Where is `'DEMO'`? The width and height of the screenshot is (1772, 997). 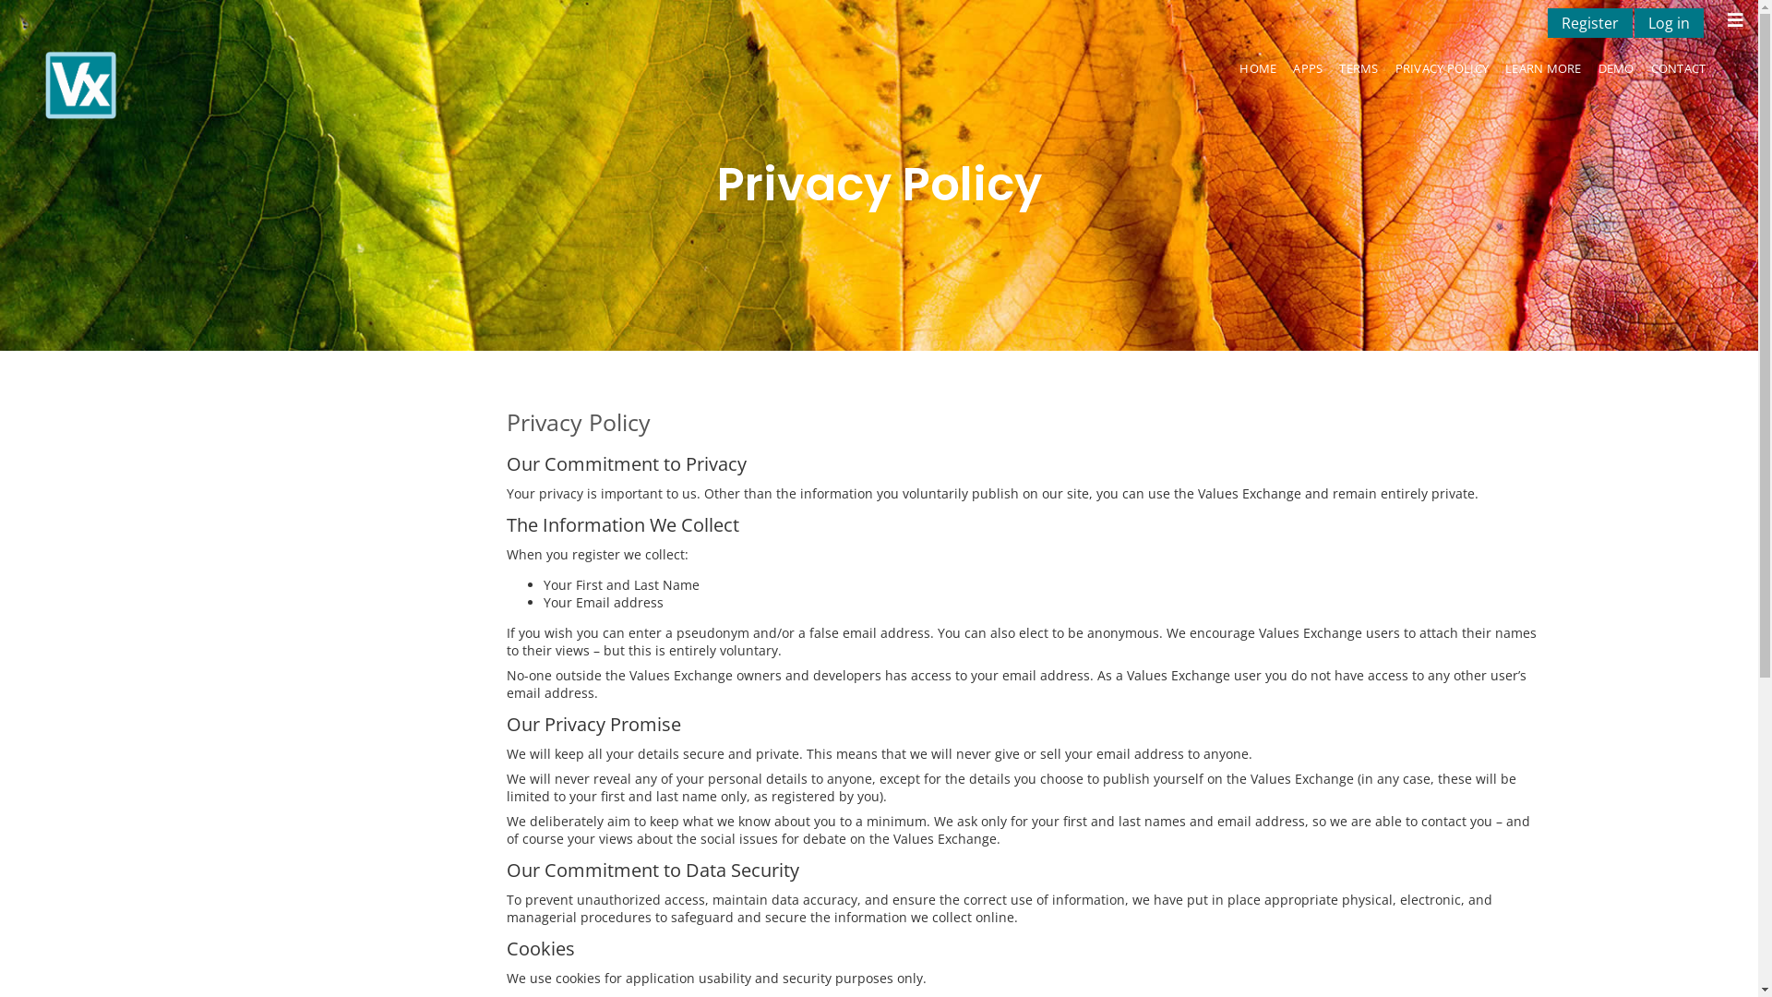
'DEMO' is located at coordinates (1615, 66).